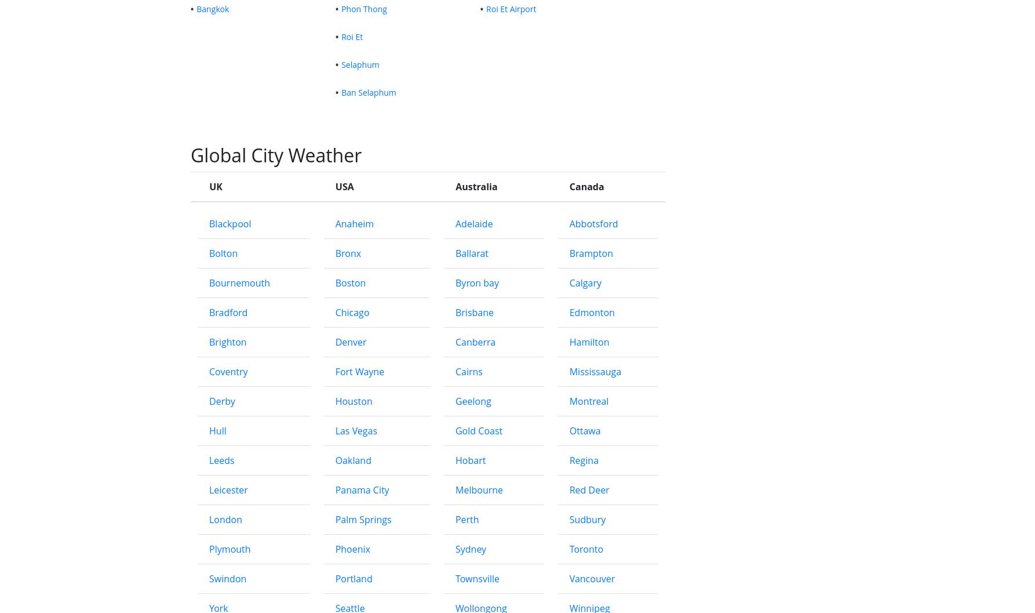 The height and width of the screenshot is (613, 1035). I want to click on 'Hamilton', so click(589, 513).